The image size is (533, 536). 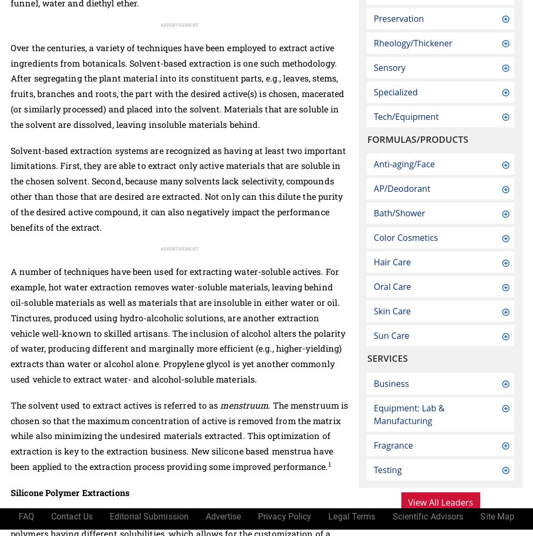 What do you see at coordinates (177, 325) in the screenshot?
I see `'A number of techniques have been used for extracting water-soluble actives. For example, hot water extraction removes water-soluble materials, leaving behind oil-soluble materials as well as materials that are insoluble in either water or oil. Tinctures, produced using hydro-alcoholic solutions, are another extraction vehicle well-known to skilled artisans. The inclusion of alcohol alters the polarity of water, producing different and marginally more efficient (e.g., higher-yielding) extracts than water or alcohol alone. Propylene glycol is yet another commonly used vehicle to extract water- and alcohol-soluble materials.'` at bounding box center [177, 325].